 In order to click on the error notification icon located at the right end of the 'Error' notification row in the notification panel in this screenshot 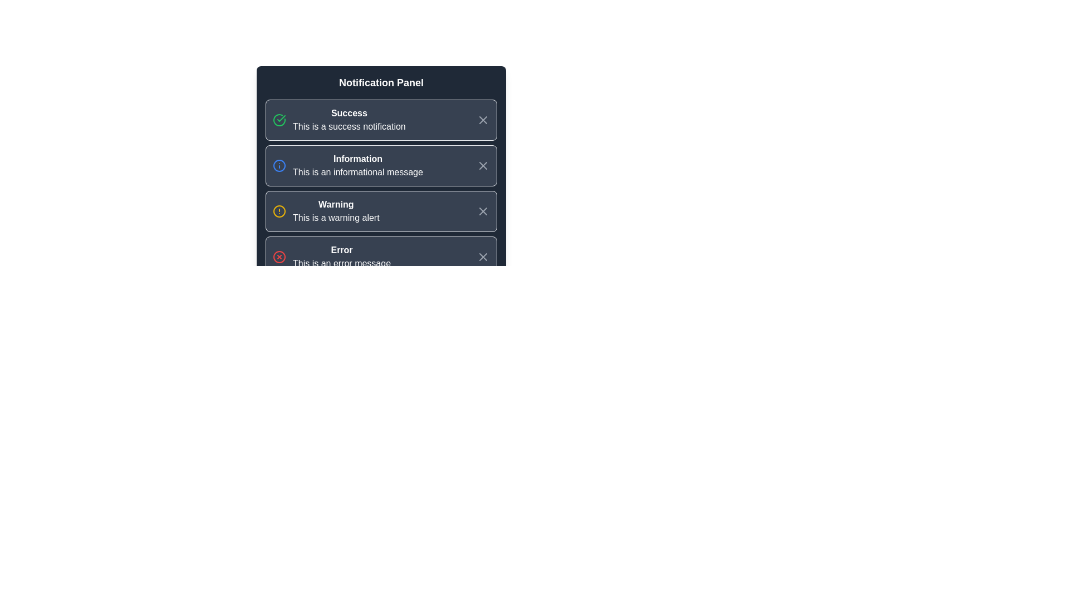, I will do `click(279, 257)`.